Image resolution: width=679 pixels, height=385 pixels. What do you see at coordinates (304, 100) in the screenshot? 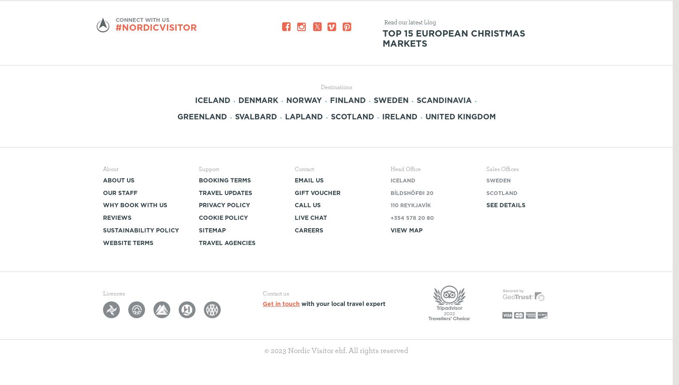
I see `'Norway'` at bounding box center [304, 100].